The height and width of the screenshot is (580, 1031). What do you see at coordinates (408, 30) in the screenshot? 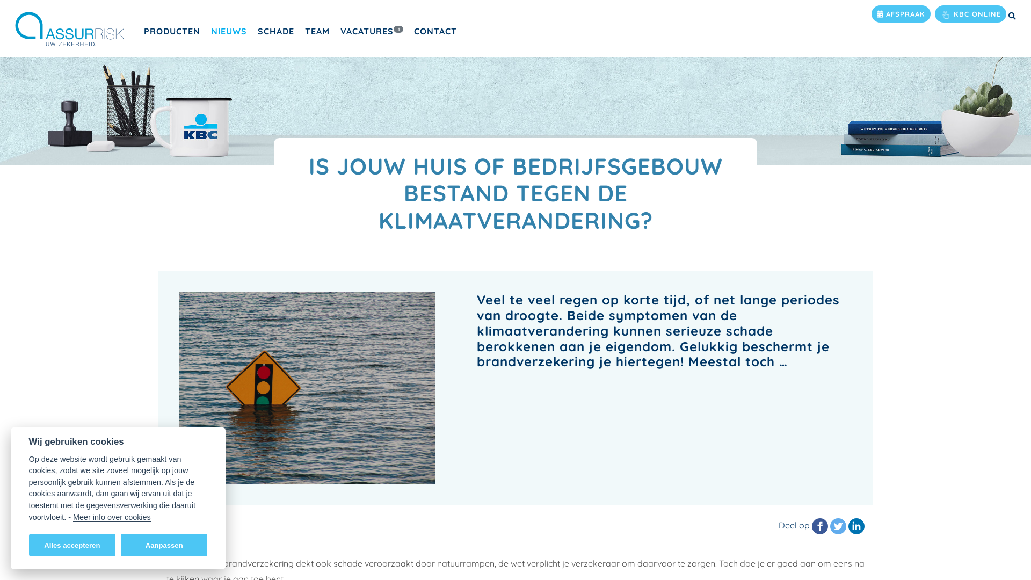
I see `'CONTACT'` at bounding box center [408, 30].